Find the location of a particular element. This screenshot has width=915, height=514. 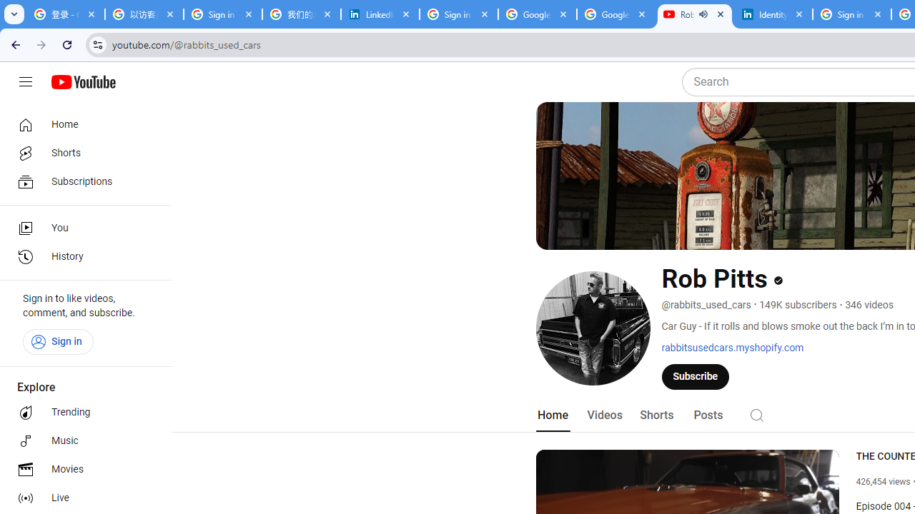

'Shorts' is located at coordinates (656, 415).